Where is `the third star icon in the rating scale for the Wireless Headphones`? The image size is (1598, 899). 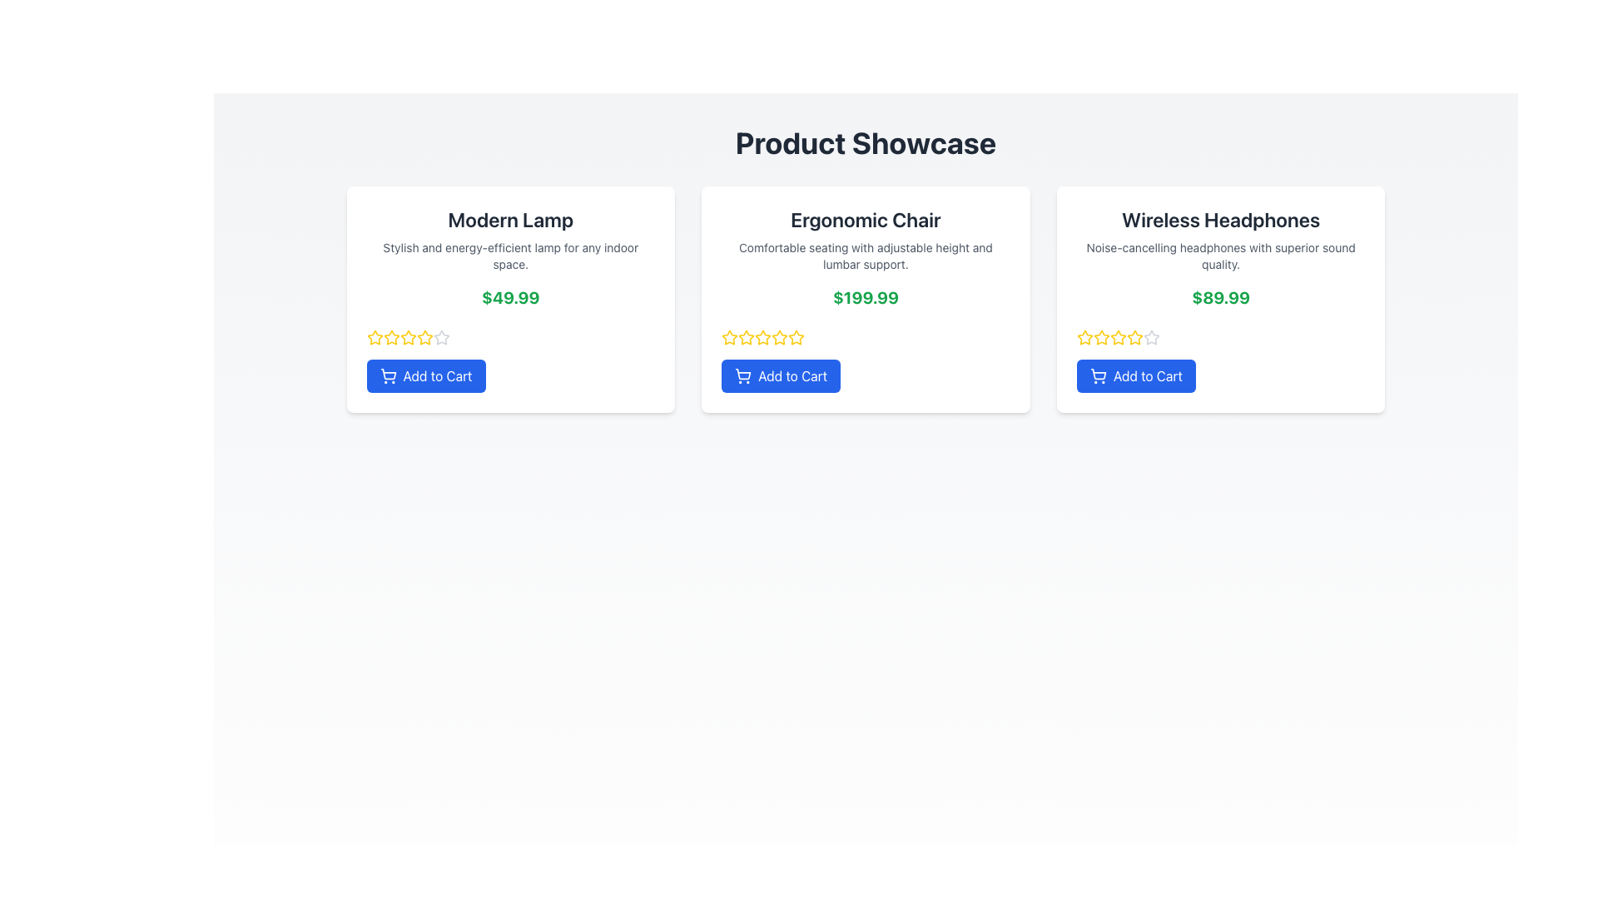
the third star icon in the rating scale for the Wireless Headphones is located at coordinates (1118, 337).